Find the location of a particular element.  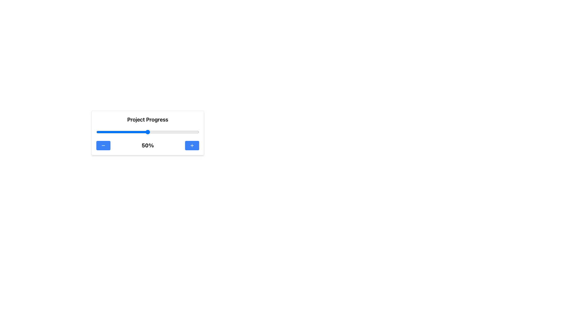

the project progress is located at coordinates (122, 132).